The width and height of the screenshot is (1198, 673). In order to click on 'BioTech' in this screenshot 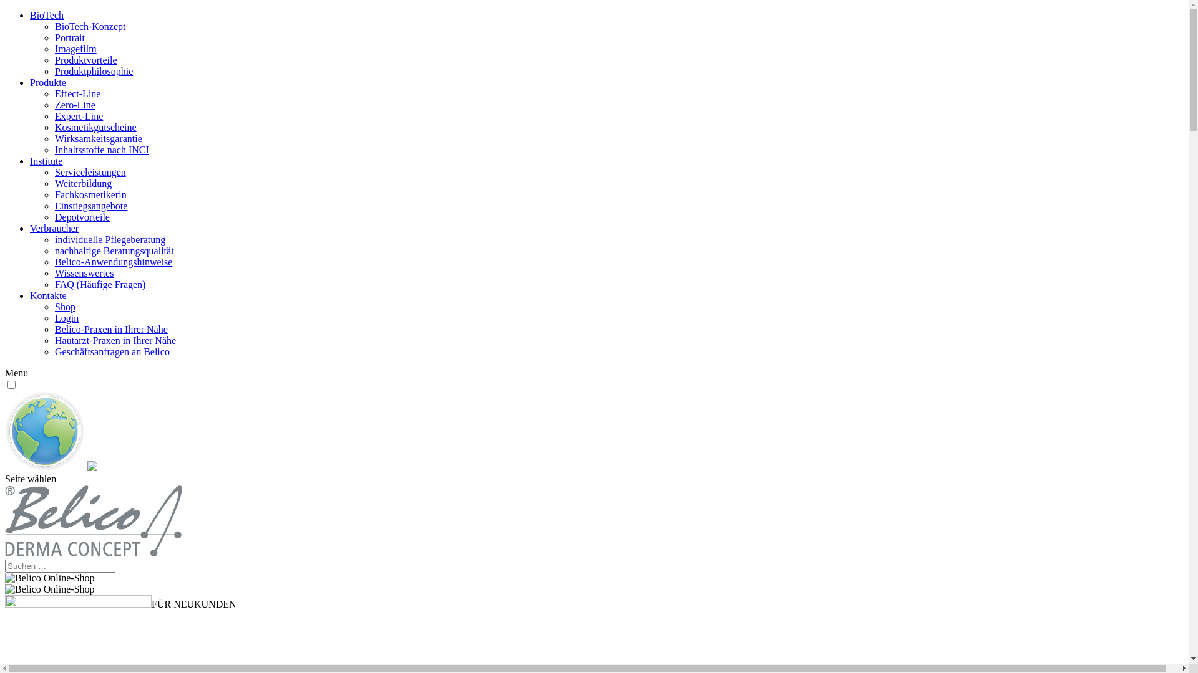, I will do `click(30, 15)`.